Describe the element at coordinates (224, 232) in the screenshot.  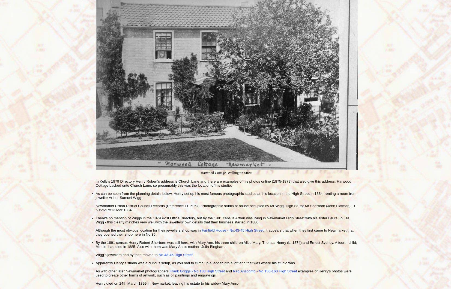
I see `', it appears that when they first came to  
              Newmarket that they opened their shop here in No.35.'` at that location.